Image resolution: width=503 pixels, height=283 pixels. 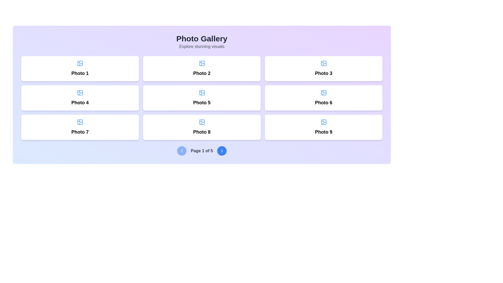 What do you see at coordinates (80, 68) in the screenshot?
I see `the interactive card titled 'Photo 1' in the top-left position of the 'Photo Gallery' grid` at bounding box center [80, 68].